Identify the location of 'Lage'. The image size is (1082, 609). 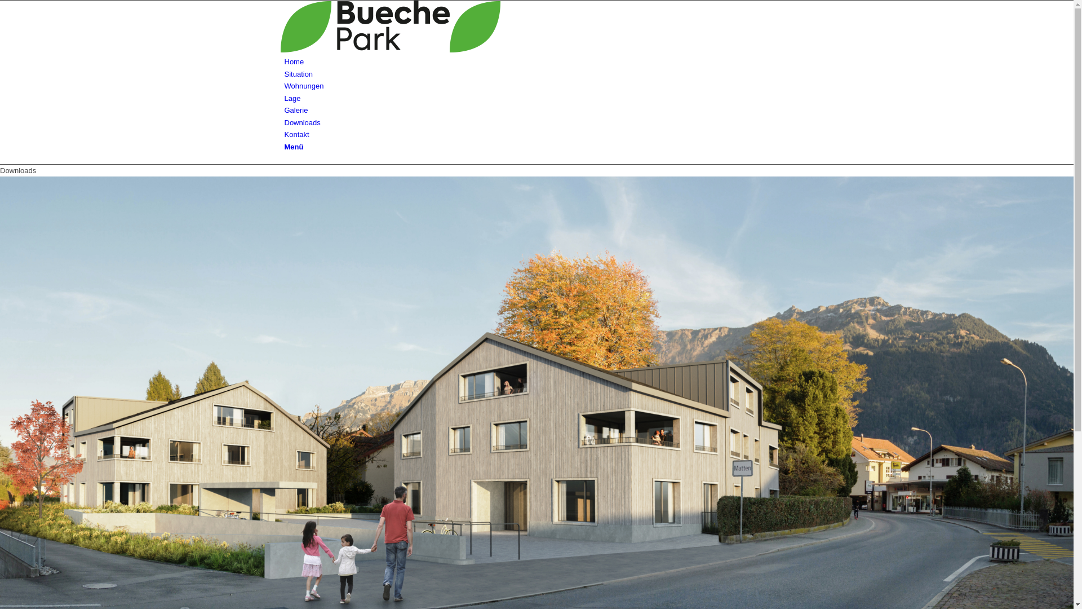
(292, 98).